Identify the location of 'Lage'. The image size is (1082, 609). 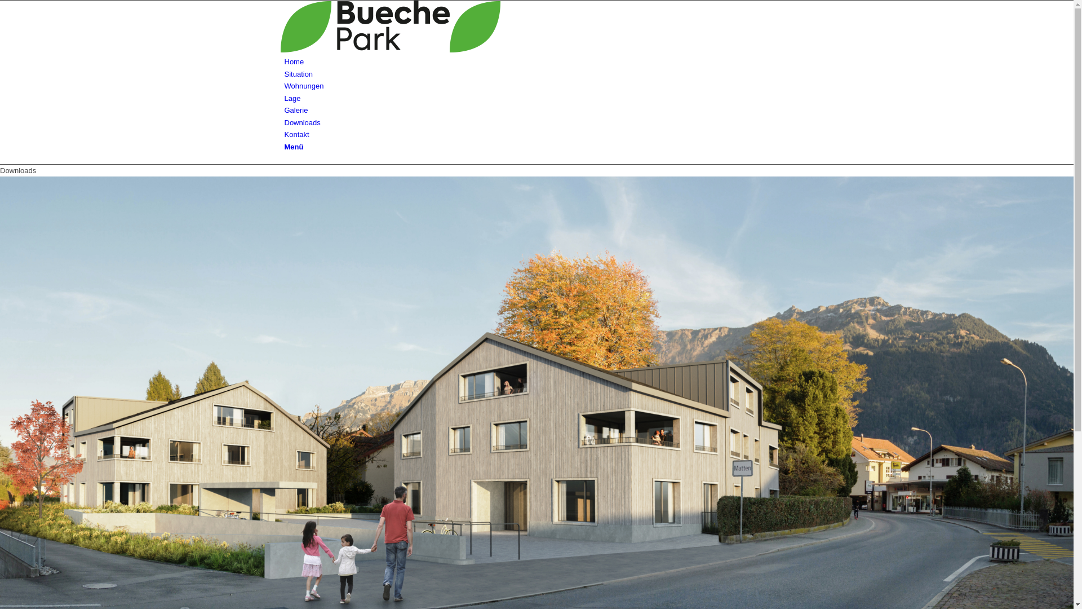
(292, 98).